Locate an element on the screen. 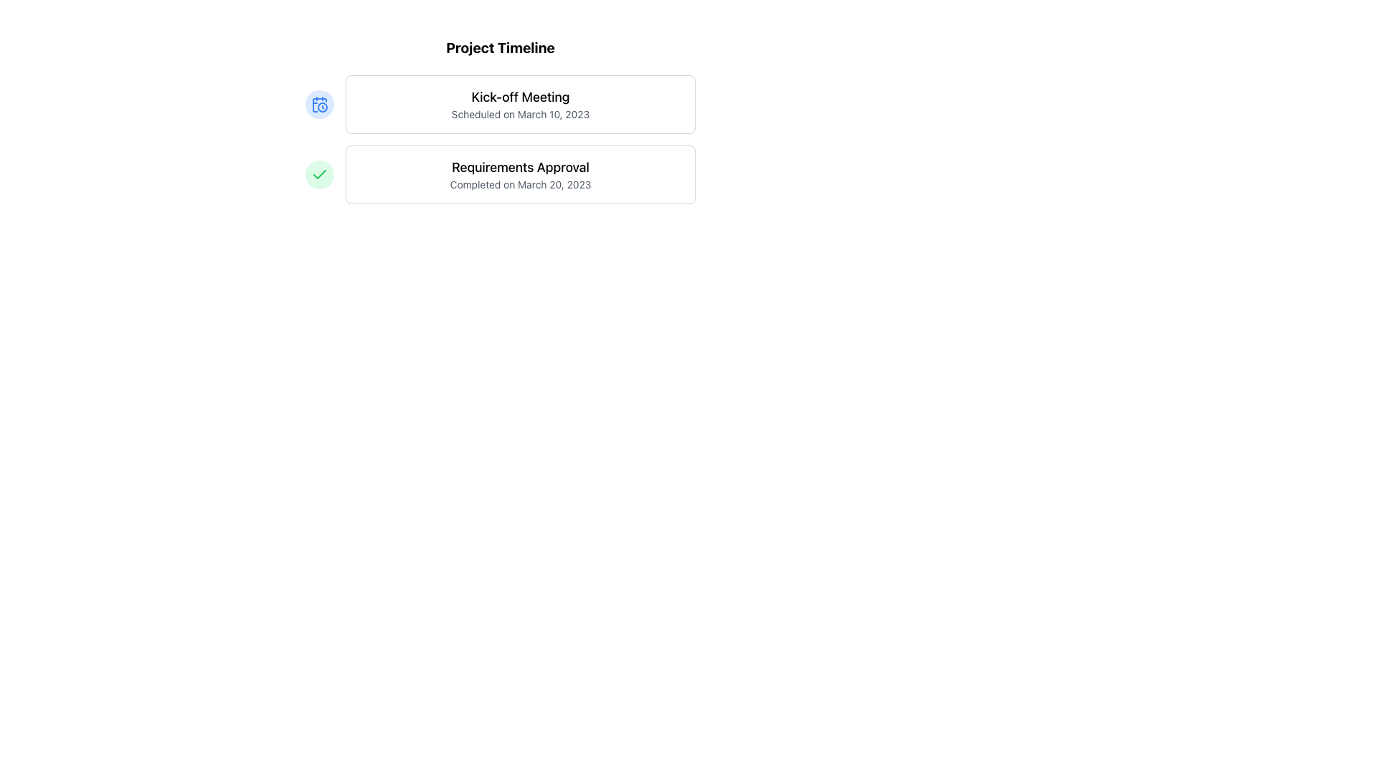 The image size is (1377, 774). the SVG circle element that is the centerpiece of the calendar-clock icon to the left of the 'Kick-off Meeting' timeline item is located at coordinates (322, 107).